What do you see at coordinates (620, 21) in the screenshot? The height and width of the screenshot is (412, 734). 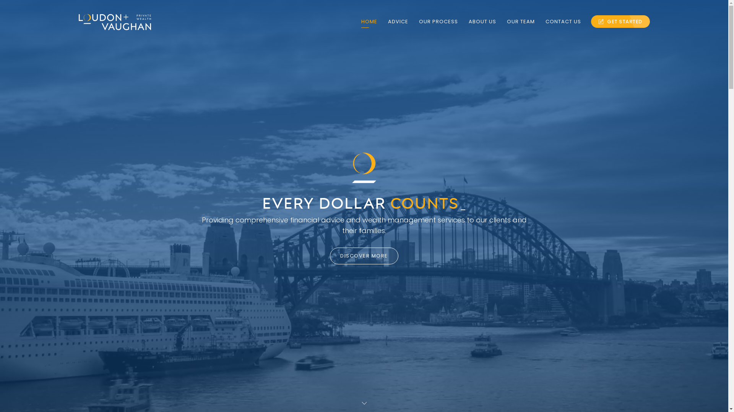 I see `'GET STARTED'` at bounding box center [620, 21].